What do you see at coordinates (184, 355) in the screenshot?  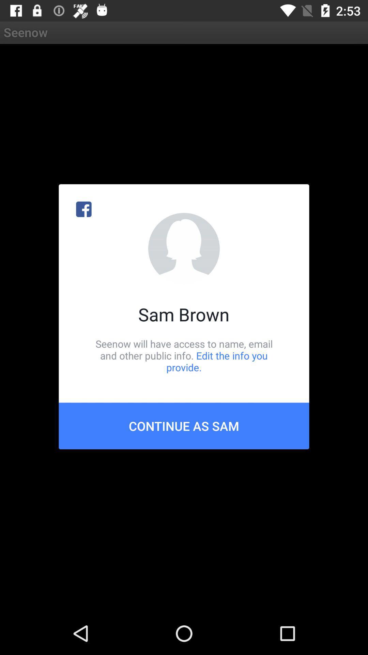 I see `the item below the sam brown` at bounding box center [184, 355].